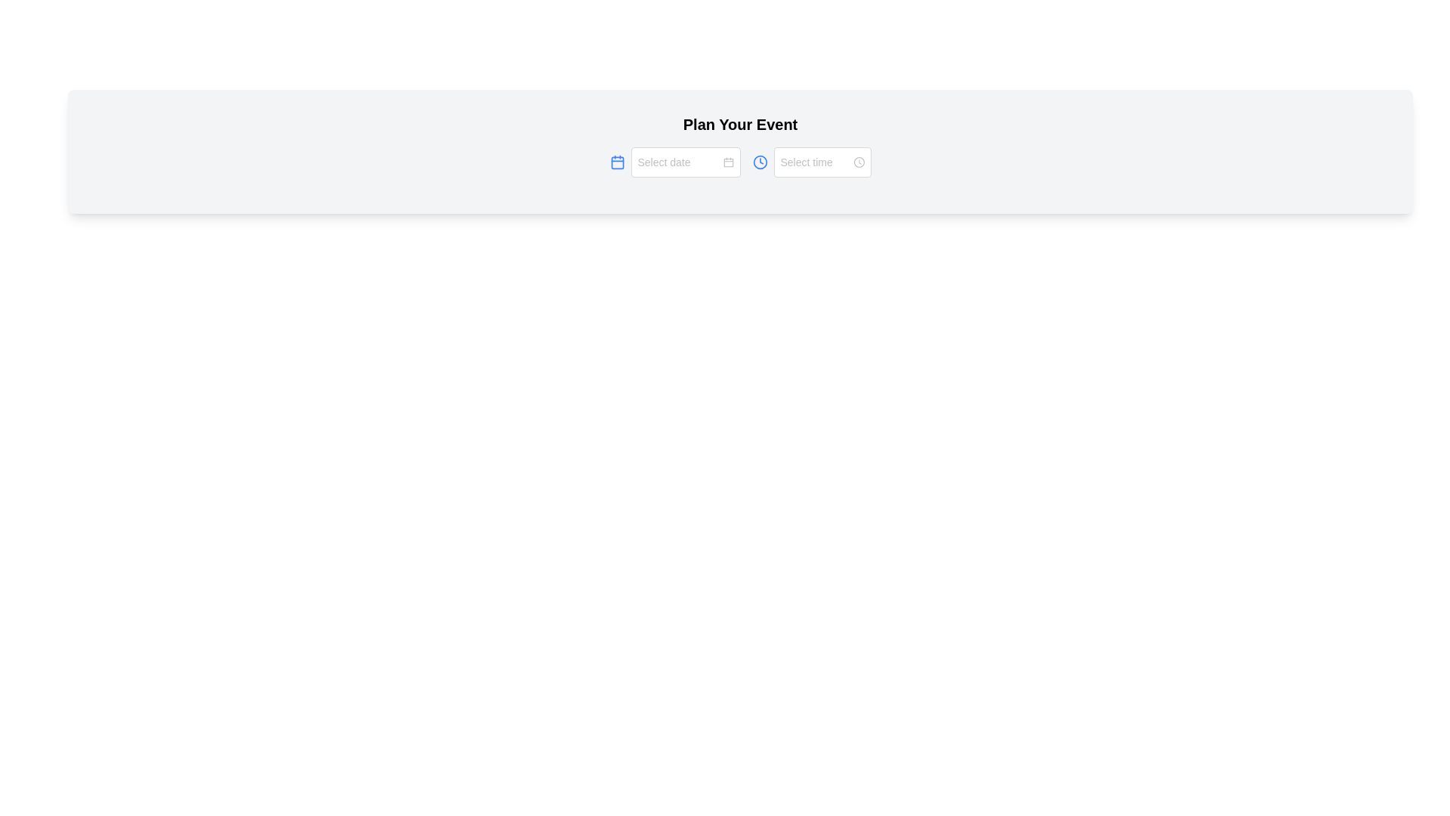 Image resolution: width=1450 pixels, height=816 pixels. What do you see at coordinates (822, 162) in the screenshot?
I see `the Dropdown time picker input field, which is a rectangular field with a clock icon and placeholder text 'Select time'` at bounding box center [822, 162].